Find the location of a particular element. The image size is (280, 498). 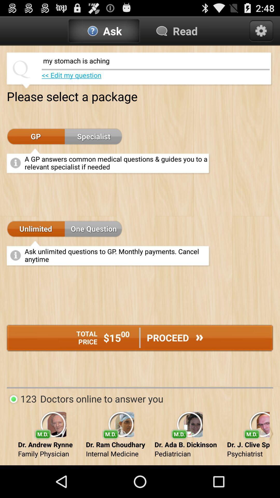

the app below the a gp answers app is located at coordinates (94, 229).